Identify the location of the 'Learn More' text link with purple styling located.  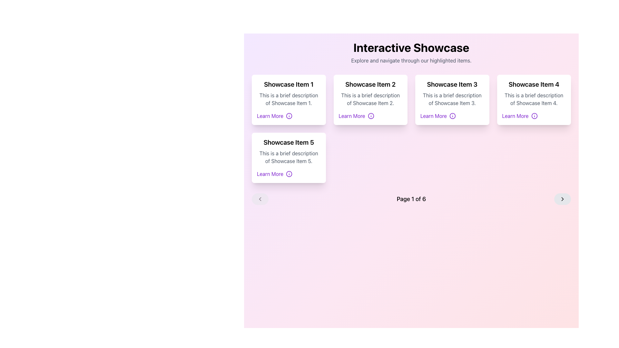
(288, 174).